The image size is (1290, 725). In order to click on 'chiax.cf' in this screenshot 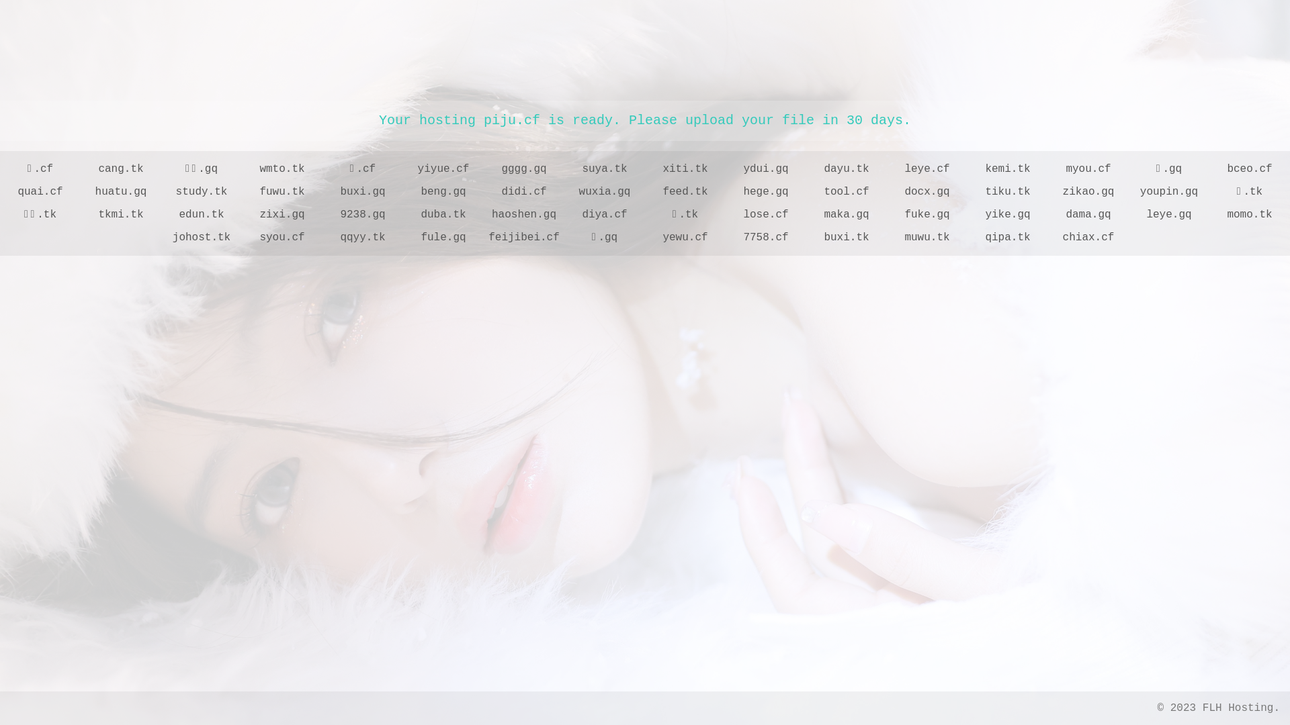, I will do `click(1088, 237)`.